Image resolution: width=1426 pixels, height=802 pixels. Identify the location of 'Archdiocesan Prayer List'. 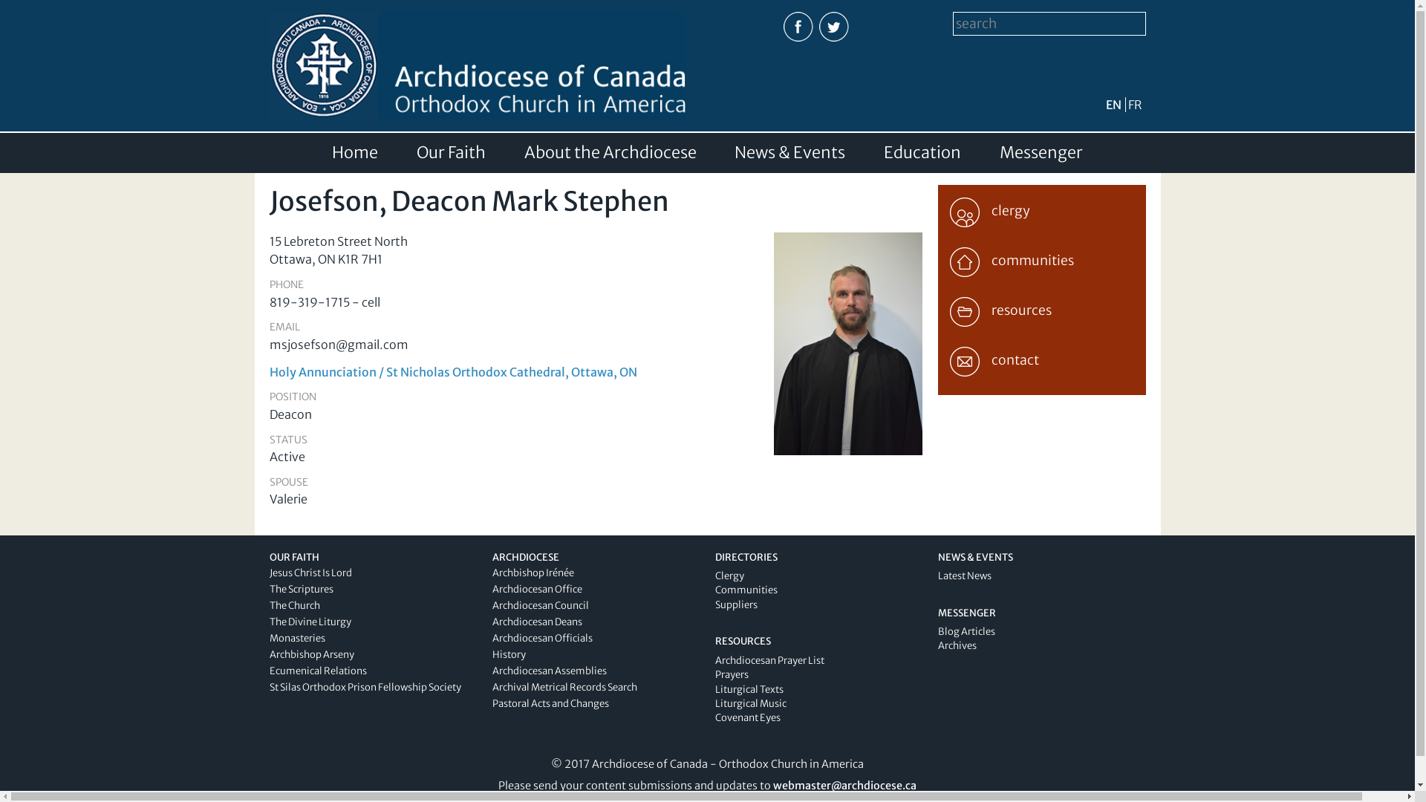
(714, 659).